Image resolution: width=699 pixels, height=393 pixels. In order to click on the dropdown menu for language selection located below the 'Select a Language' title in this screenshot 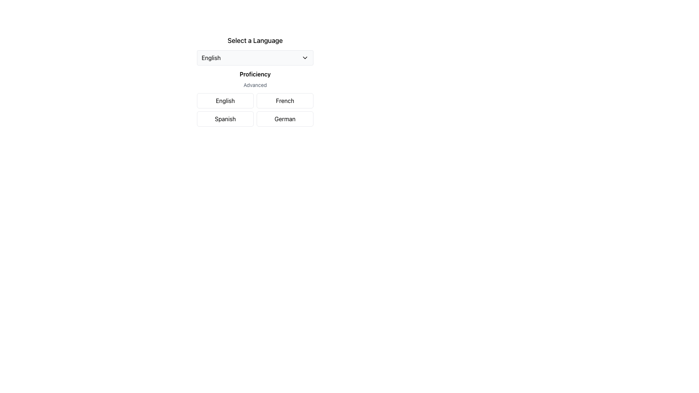, I will do `click(255, 57)`.